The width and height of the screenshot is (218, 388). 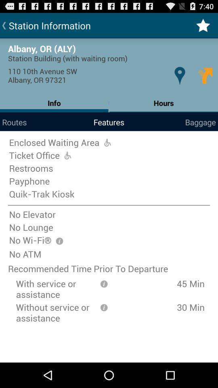 What do you see at coordinates (104, 303) in the screenshot?
I see `the info icon` at bounding box center [104, 303].